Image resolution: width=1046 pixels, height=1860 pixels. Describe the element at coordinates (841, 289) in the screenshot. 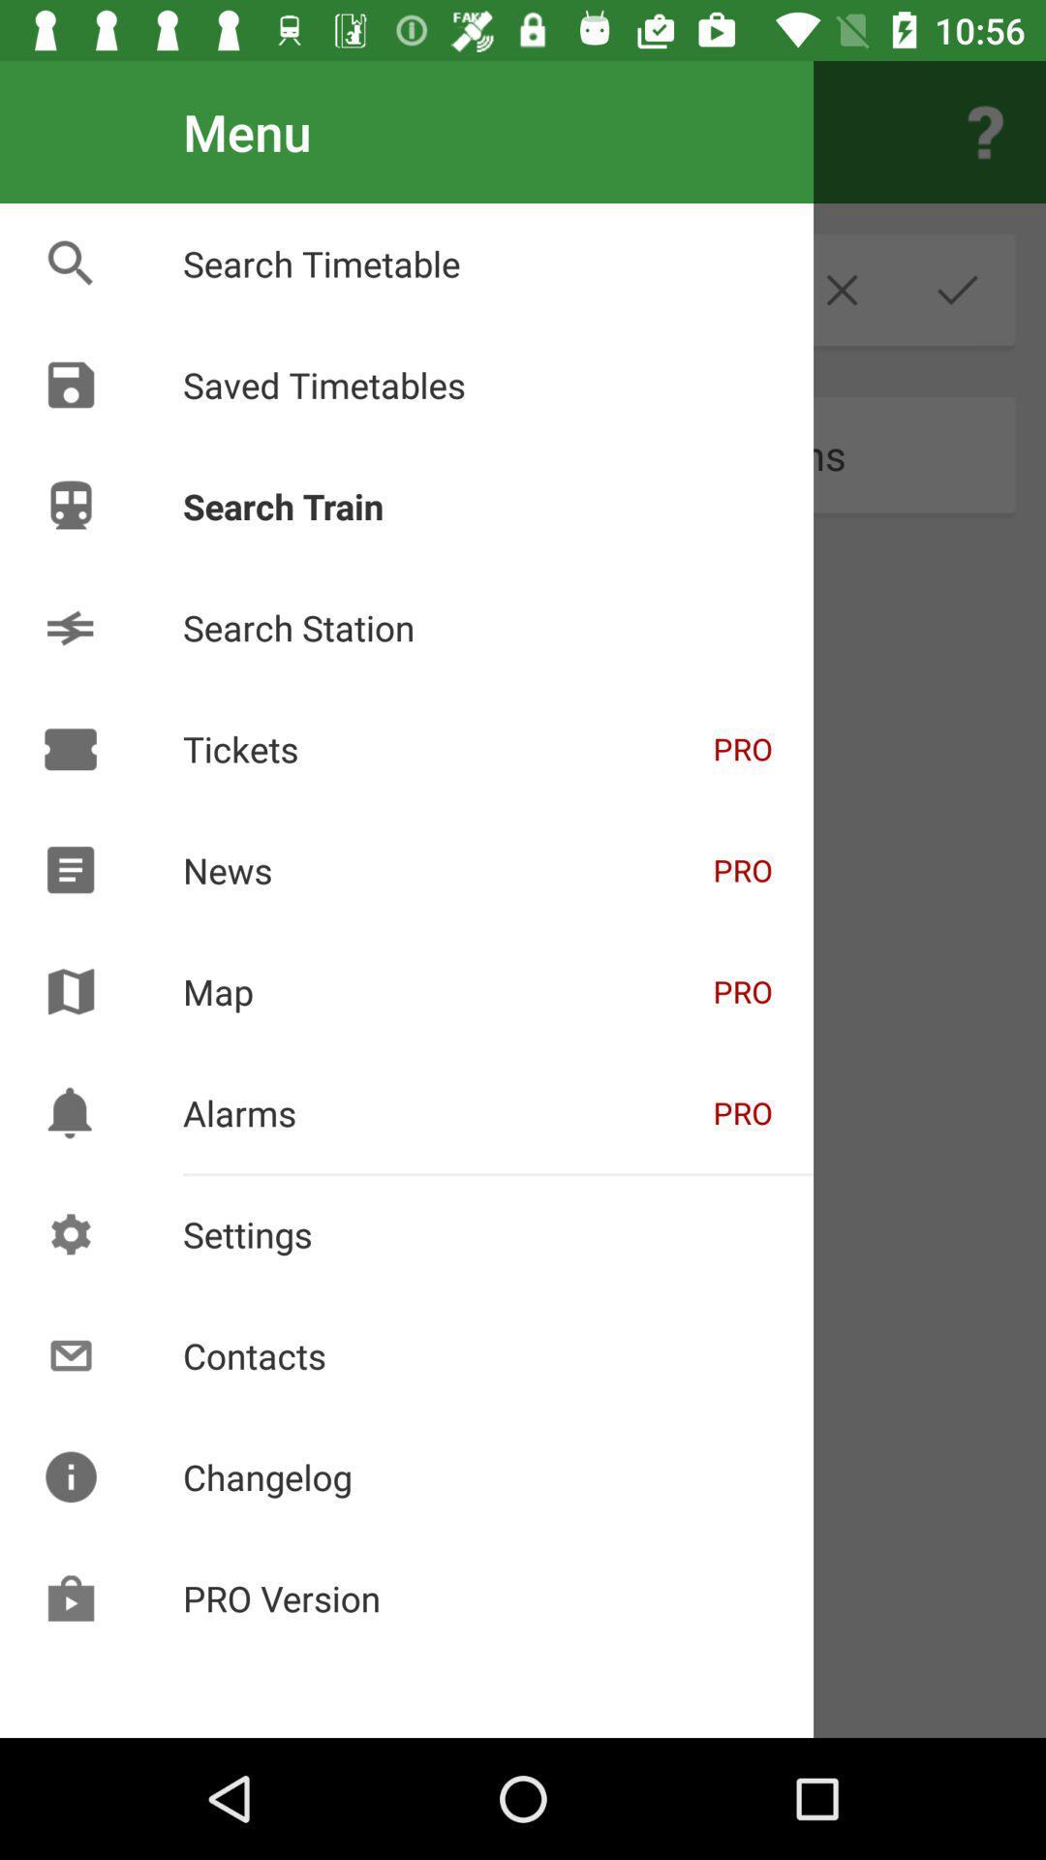

I see `the close icon` at that location.